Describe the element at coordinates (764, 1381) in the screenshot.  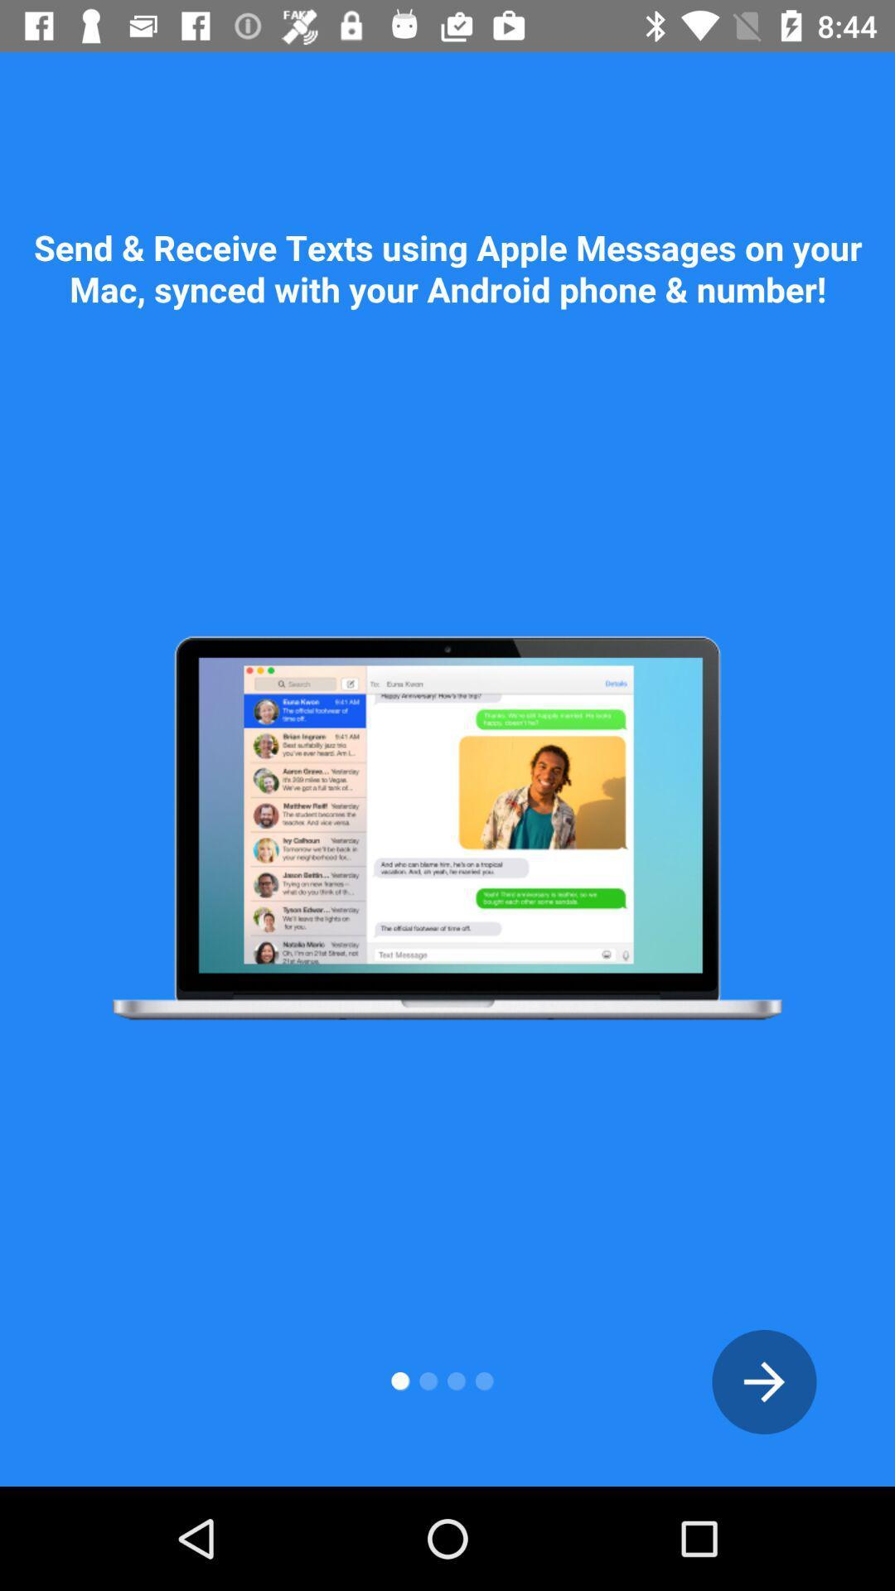
I see `next` at that location.